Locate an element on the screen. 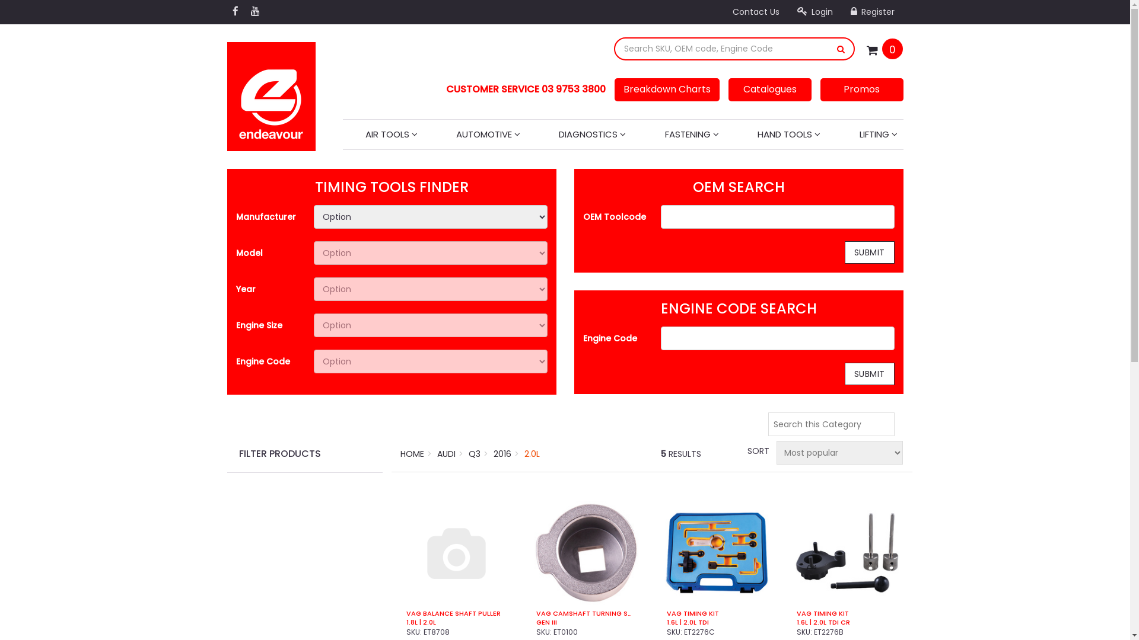 The image size is (1139, 640). 'VAG TIMING KIT' is located at coordinates (846, 613).